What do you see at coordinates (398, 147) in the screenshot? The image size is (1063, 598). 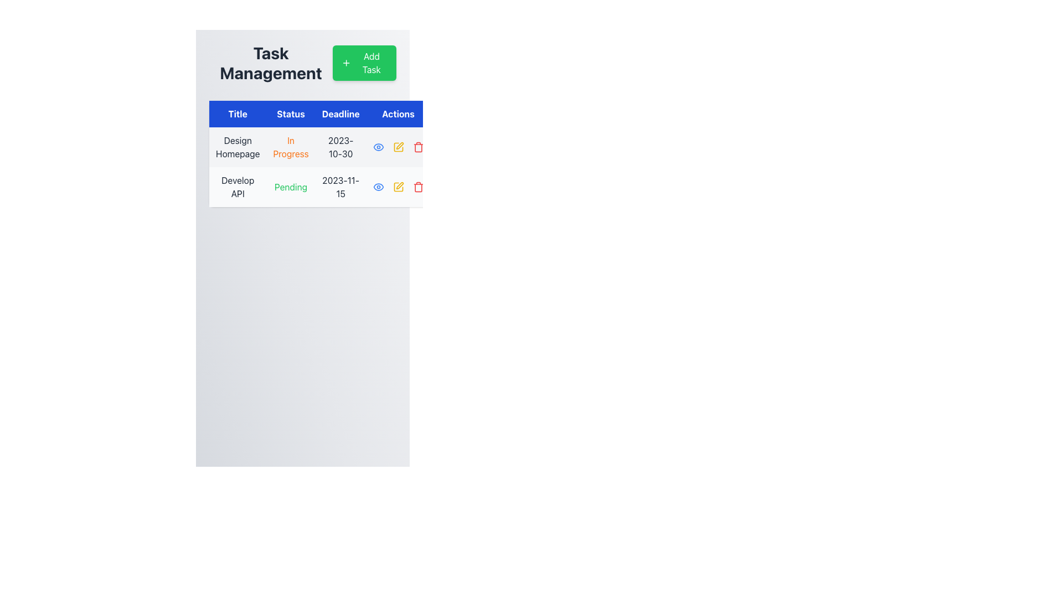 I see `the edit icon button located in the 'Actions' column of the first row of the task management table to initiate editing the task` at bounding box center [398, 147].